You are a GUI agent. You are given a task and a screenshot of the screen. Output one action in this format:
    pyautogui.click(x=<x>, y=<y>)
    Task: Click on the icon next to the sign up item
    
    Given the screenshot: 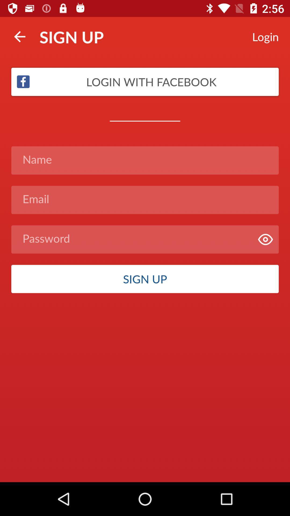 What is the action you would take?
    pyautogui.click(x=19, y=36)
    